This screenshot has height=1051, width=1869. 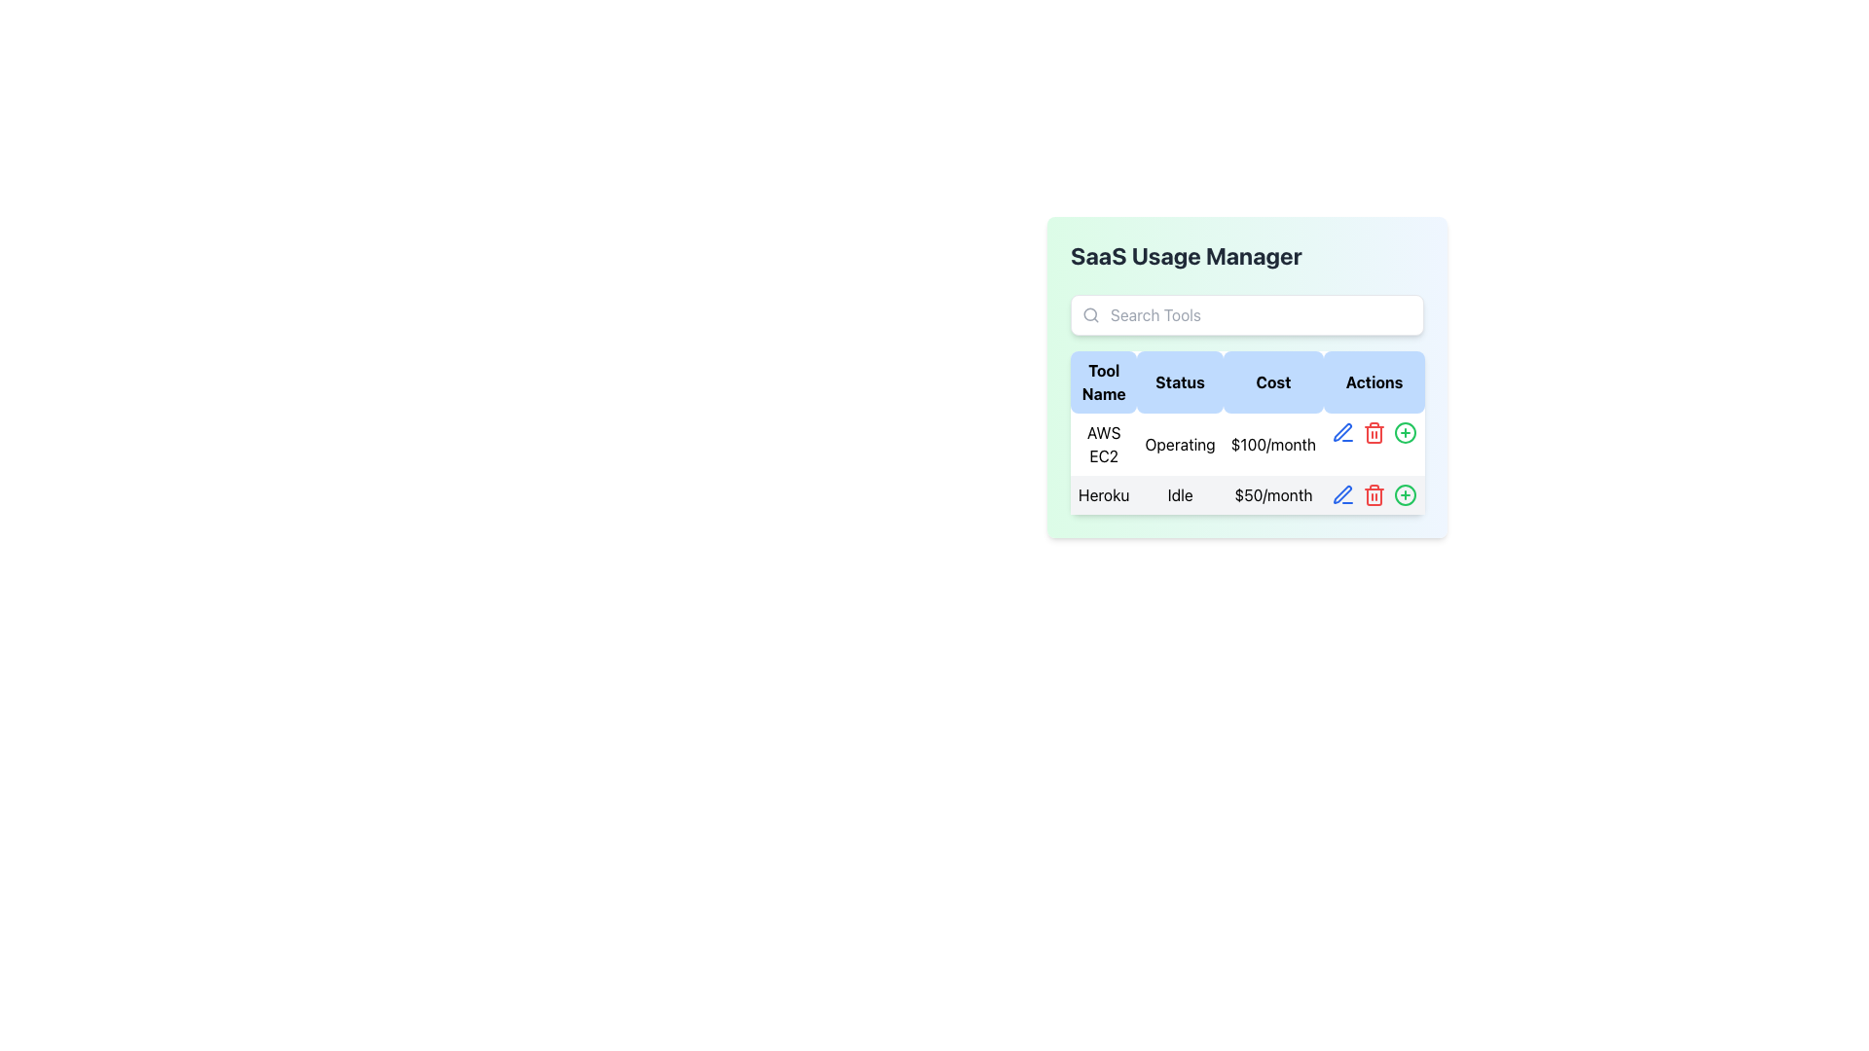 What do you see at coordinates (1373, 431) in the screenshot?
I see `the red trash icon in the Actions column of the first row in the table` at bounding box center [1373, 431].